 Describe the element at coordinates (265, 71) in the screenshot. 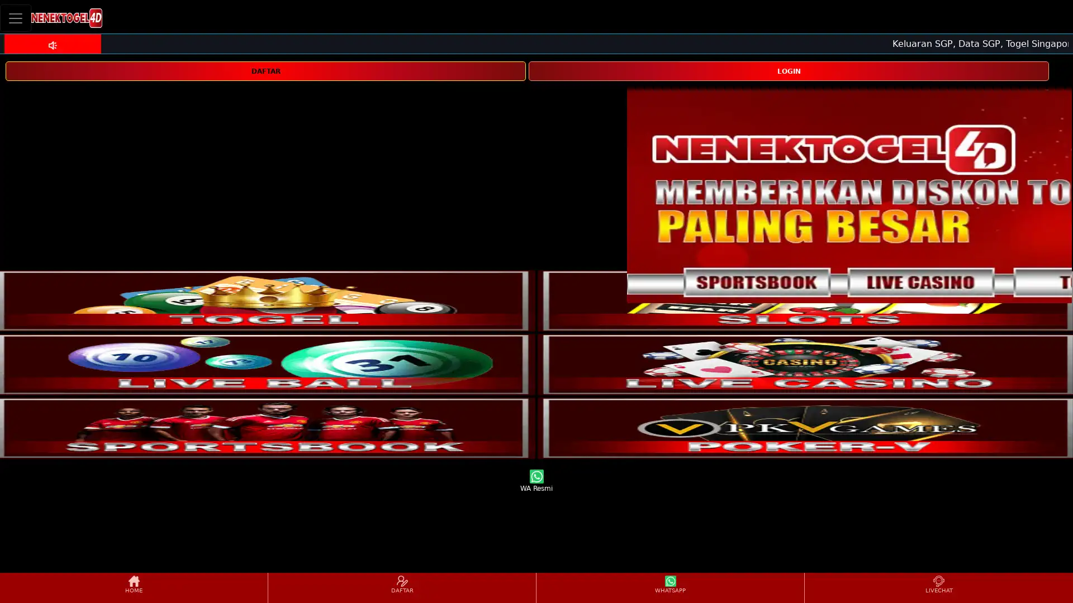

I see `DAFTAR` at that location.